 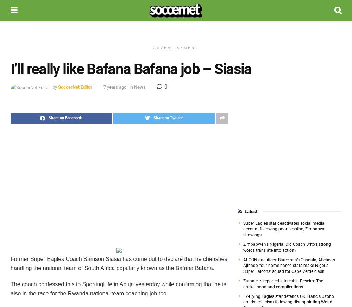 What do you see at coordinates (284, 229) in the screenshot?
I see `'Super Eagles star deactivates social media account following poor Lesotho, Zimbabwe showings'` at bounding box center [284, 229].